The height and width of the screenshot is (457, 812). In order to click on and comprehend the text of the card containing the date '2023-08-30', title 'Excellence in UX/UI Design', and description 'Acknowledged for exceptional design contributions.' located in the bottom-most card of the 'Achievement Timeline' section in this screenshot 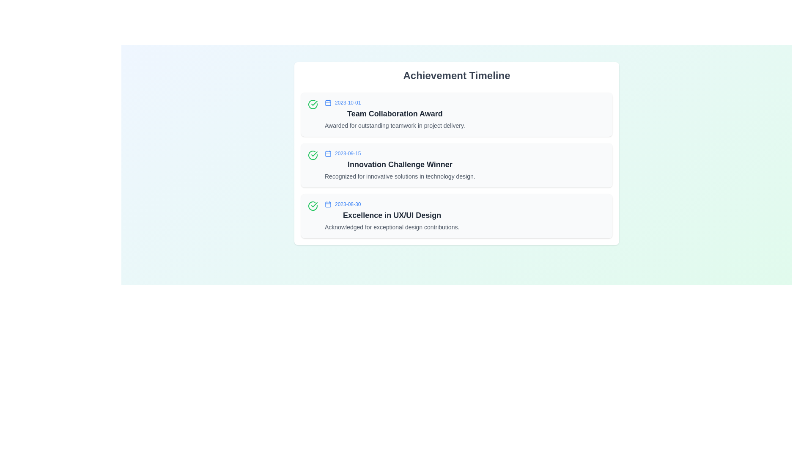, I will do `click(392, 215)`.